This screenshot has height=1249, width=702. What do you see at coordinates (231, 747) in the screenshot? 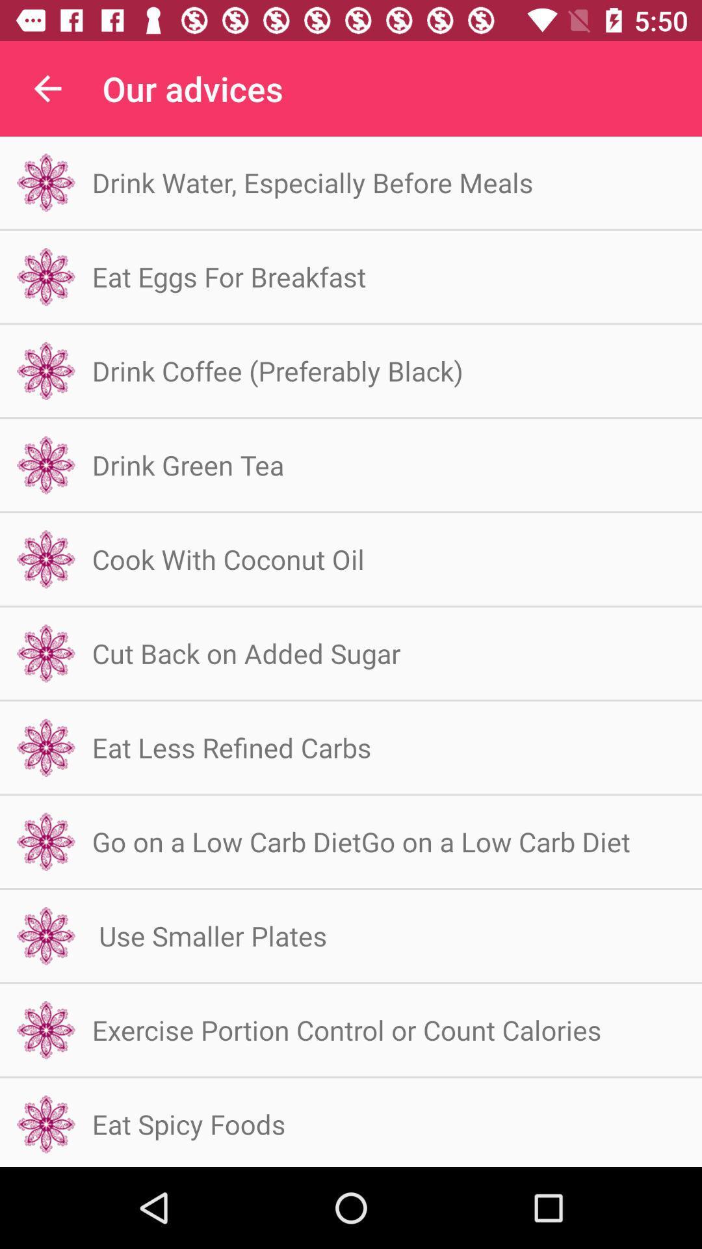
I see `item below the cut back on item` at bounding box center [231, 747].